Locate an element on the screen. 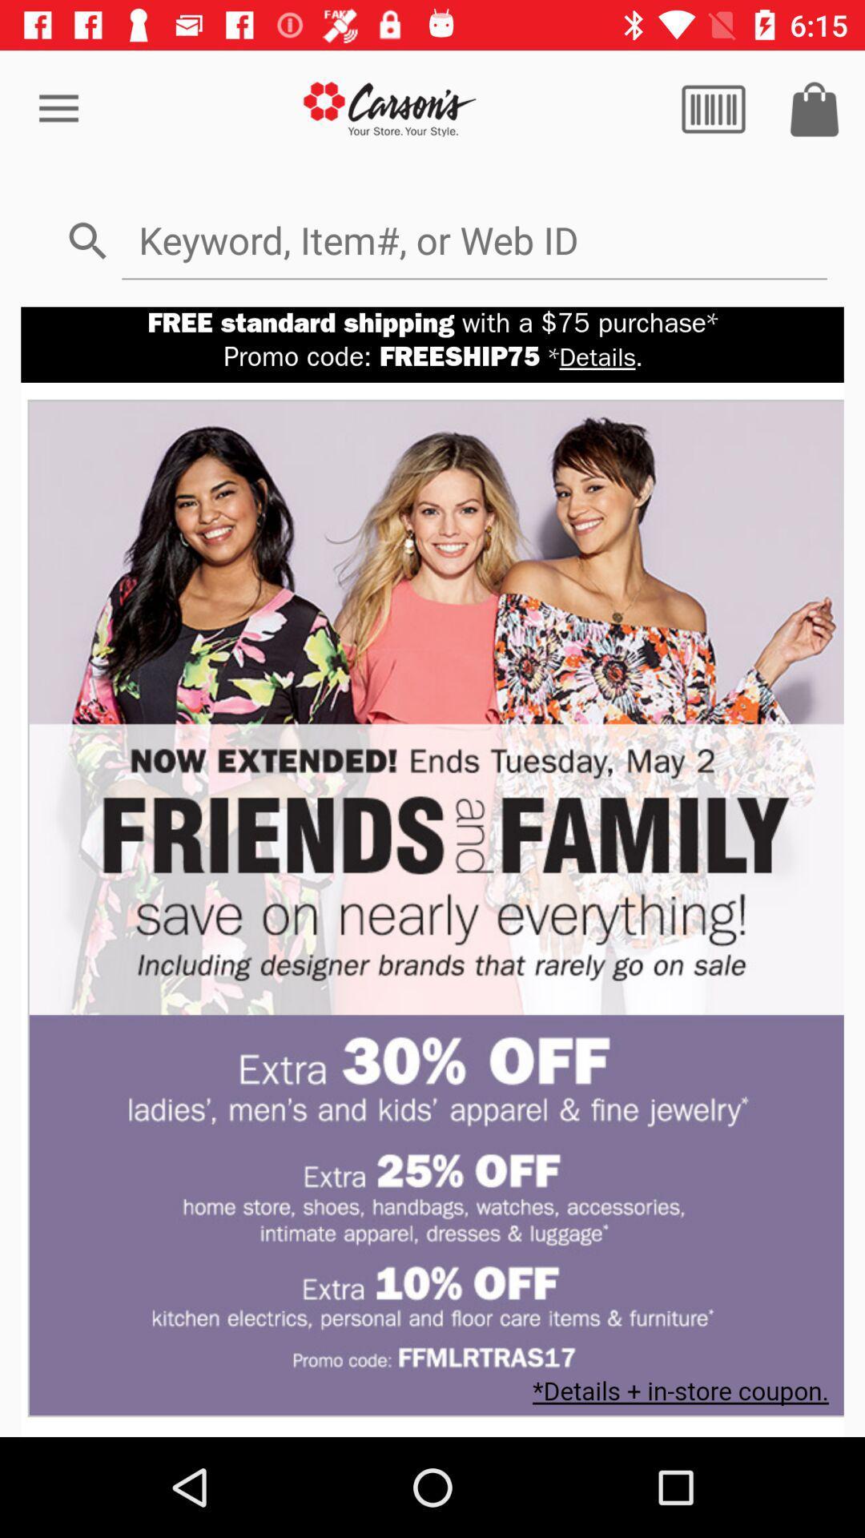 The image size is (865, 1538). shows carsons option is located at coordinates (390, 108).